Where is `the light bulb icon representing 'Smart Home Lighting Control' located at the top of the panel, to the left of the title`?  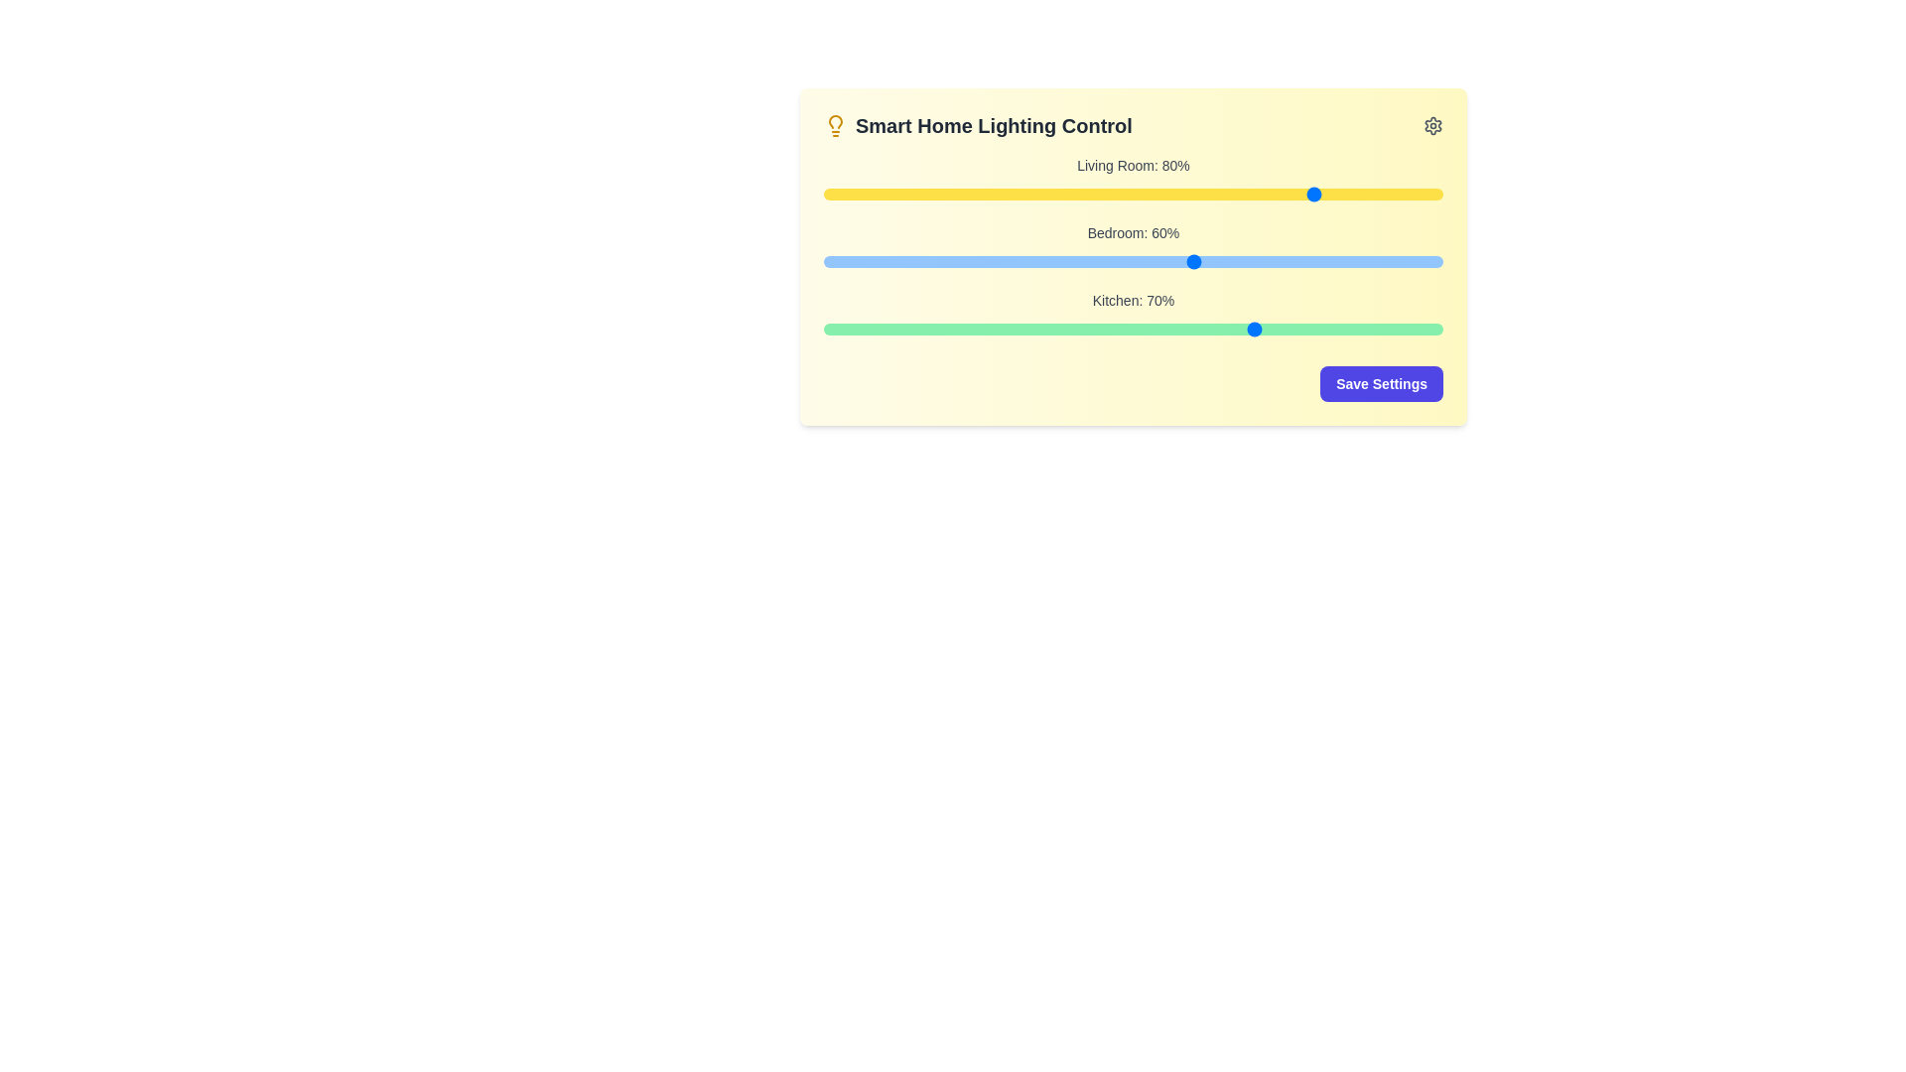 the light bulb icon representing 'Smart Home Lighting Control' located at the top of the panel, to the left of the title is located at coordinates (835, 126).